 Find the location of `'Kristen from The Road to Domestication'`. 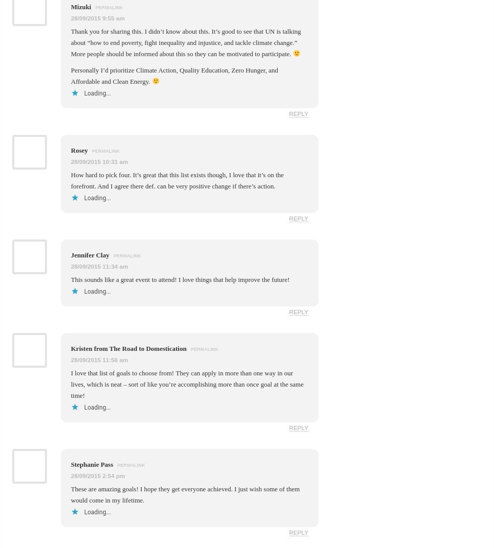

'Kristen from The Road to Domestication' is located at coordinates (129, 348).